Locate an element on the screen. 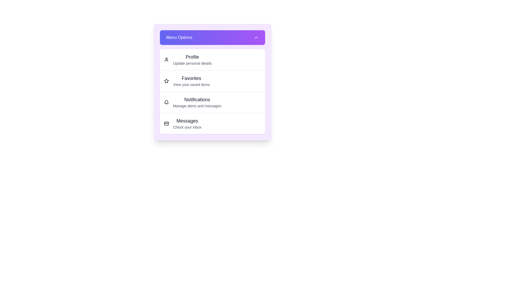 The height and width of the screenshot is (284, 505). the menu item corresponding to Profile is located at coordinates (166, 59).